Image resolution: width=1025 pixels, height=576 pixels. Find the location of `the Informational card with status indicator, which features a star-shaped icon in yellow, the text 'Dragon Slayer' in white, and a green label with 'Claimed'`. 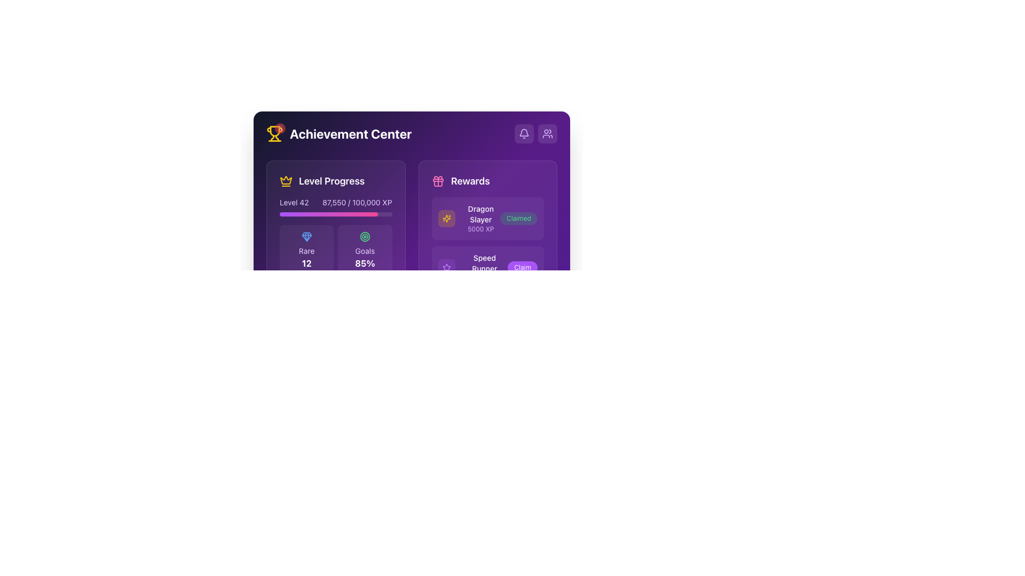

the Informational card with status indicator, which features a star-shaped icon in yellow, the text 'Dragon Slayer' in white, and a green label with 'Claimed' is located at coordinates (487, 218).